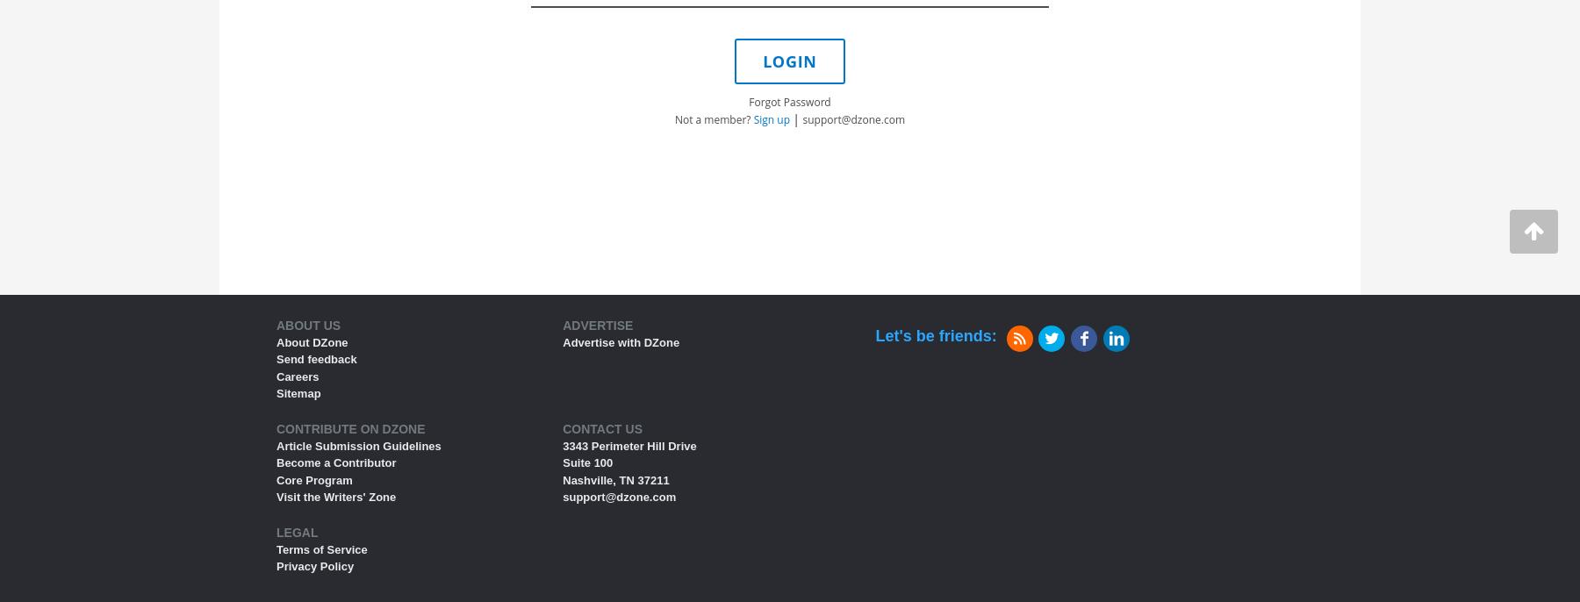  What do you see at coordinates (796, 118) in the screenshot?
I see `'|'` at bounding box center [796, 118].